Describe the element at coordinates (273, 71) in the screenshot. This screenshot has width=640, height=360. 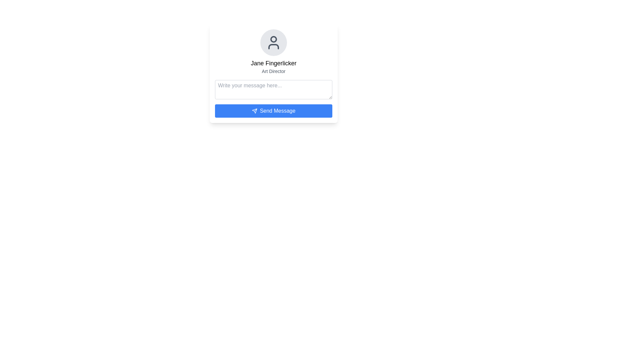
I see `the text label displaying 'Art Director' which is centrally aligned in a card interface, located below 'Jane Fingerlicker'` at that location.